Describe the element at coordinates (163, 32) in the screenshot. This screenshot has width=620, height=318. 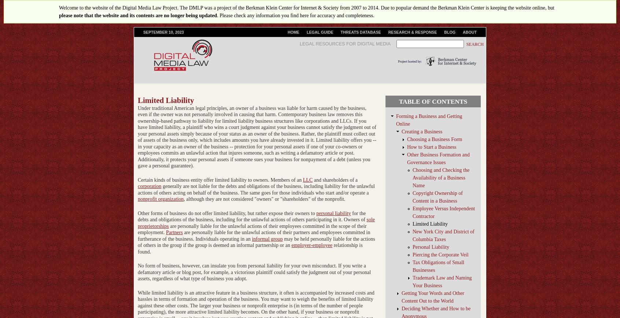
I see `'September 10, 2023'` at that location.